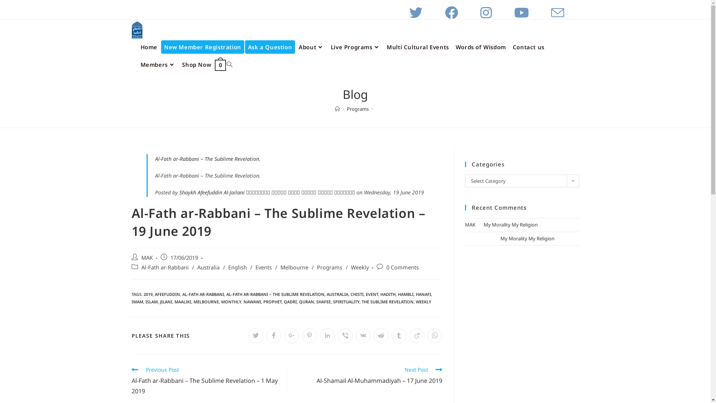 The width and height of the screenshot is (716, 403). Describe the element at coordinates (137, 301) in the screenshot. I see `'IMAM'` at that location.